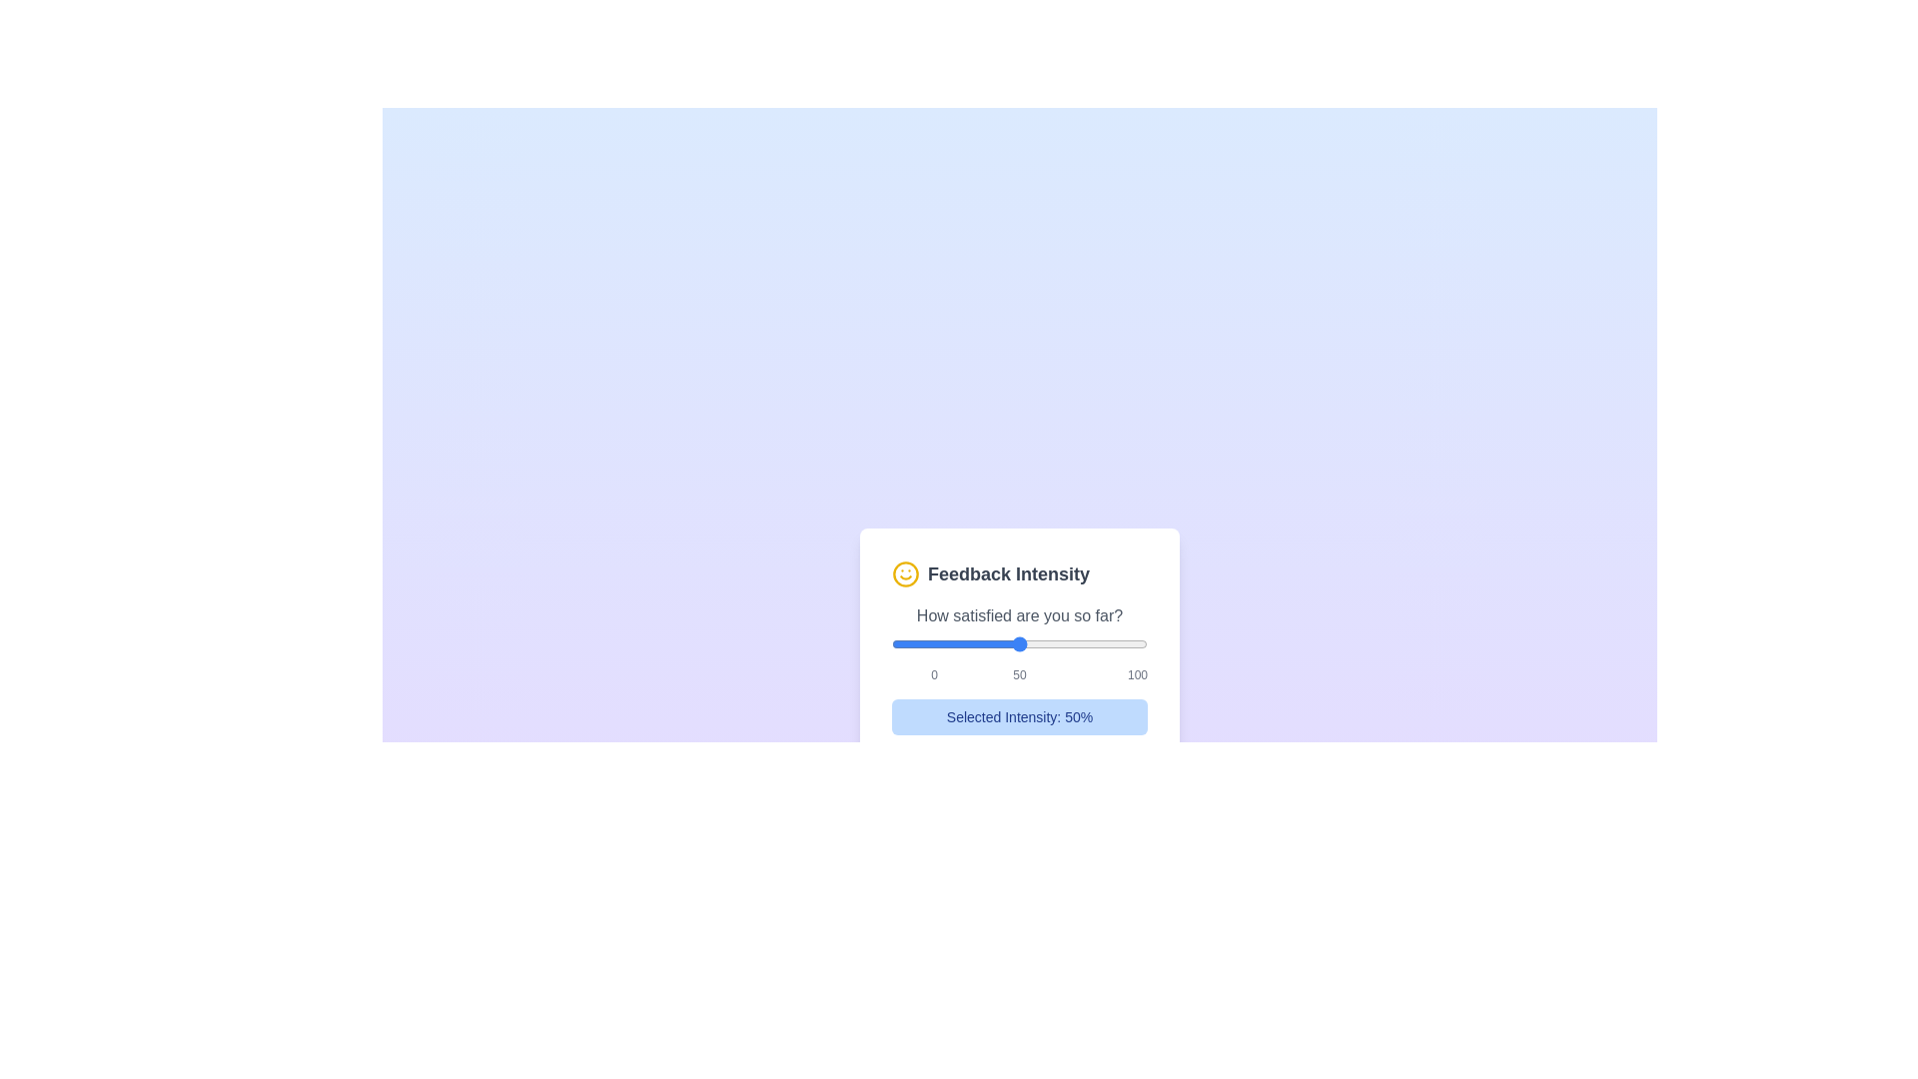 The image size is (1918, 1079). What do you see at coordinates (961, 643) in the screenshot?
I see `the slider to set the satisfaction value to 27` at bounding box center [961, 643].